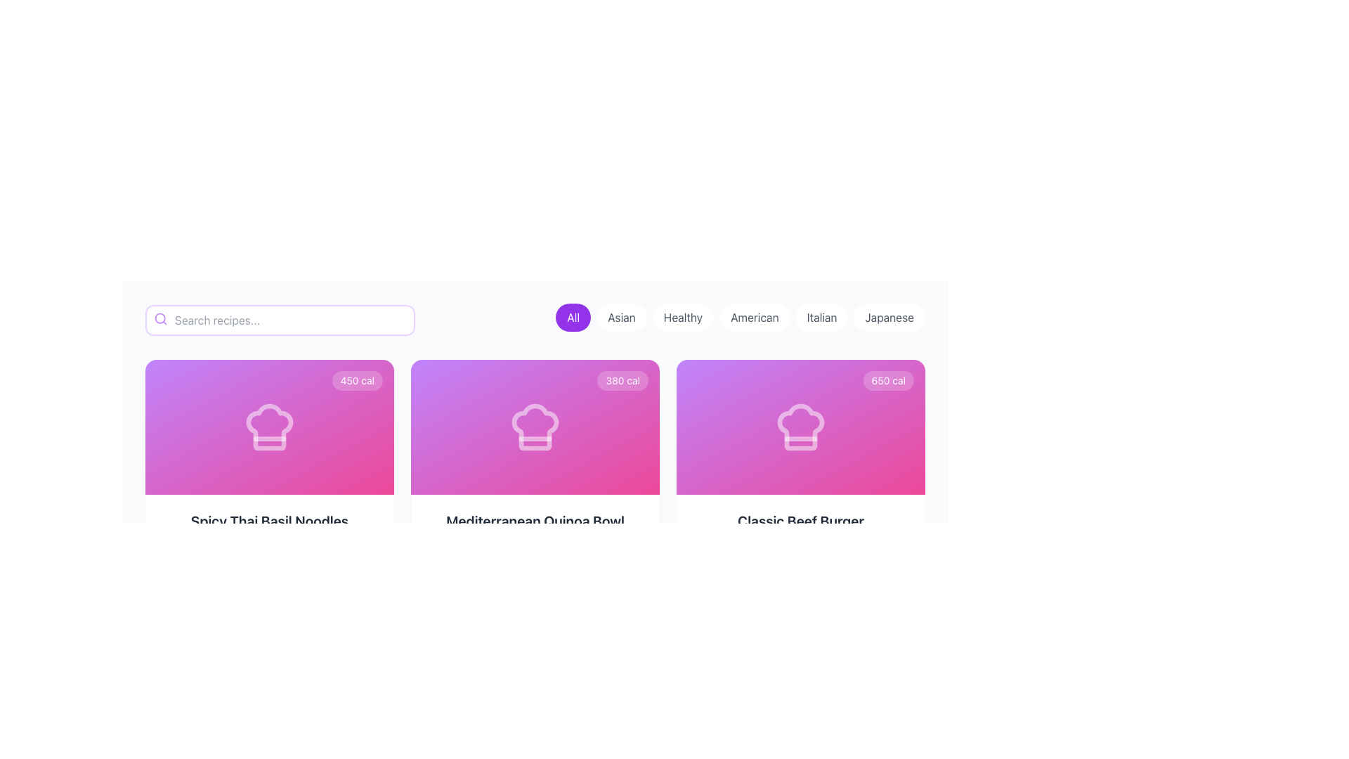 This screenshot has width=1349, height=759. Describe the element at coordinates (889, 317) in the screenshot. I see `the 'Japanese' category filter button located at the far right of the category filter list to observe the hover effect` at that location.